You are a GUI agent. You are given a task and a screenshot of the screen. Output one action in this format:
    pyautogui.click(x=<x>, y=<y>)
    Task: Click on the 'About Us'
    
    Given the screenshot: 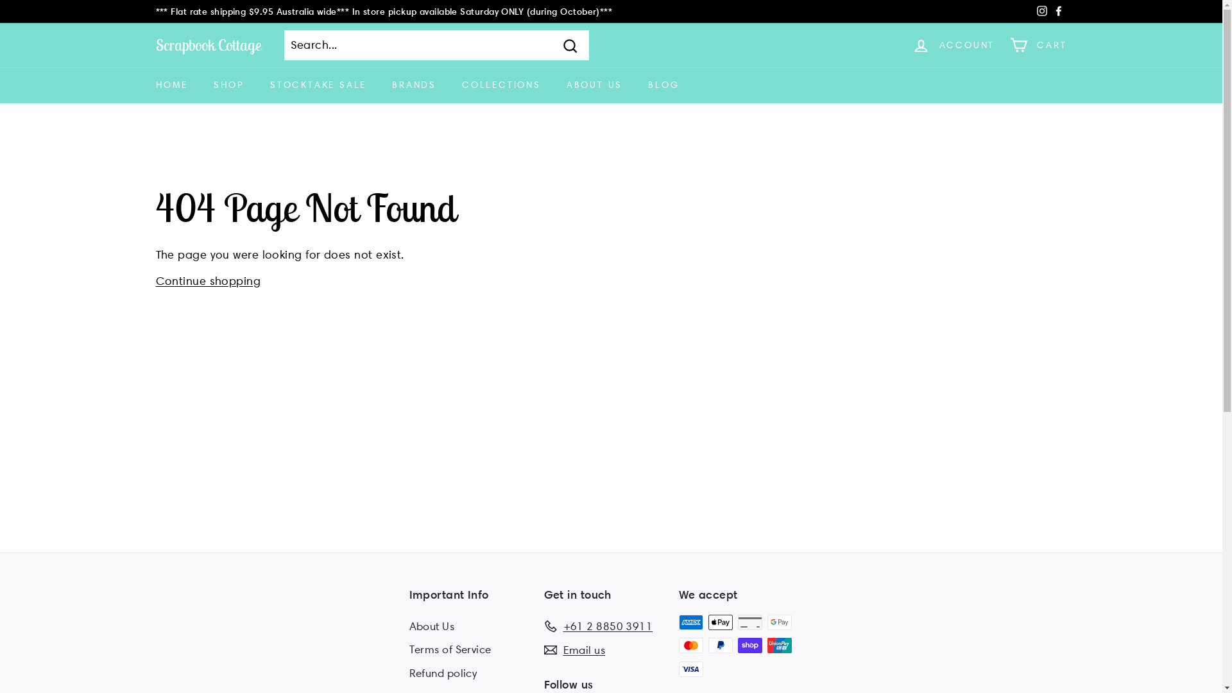 What is the action you would take?
    pyautogui.click(x=432, y=626)
    